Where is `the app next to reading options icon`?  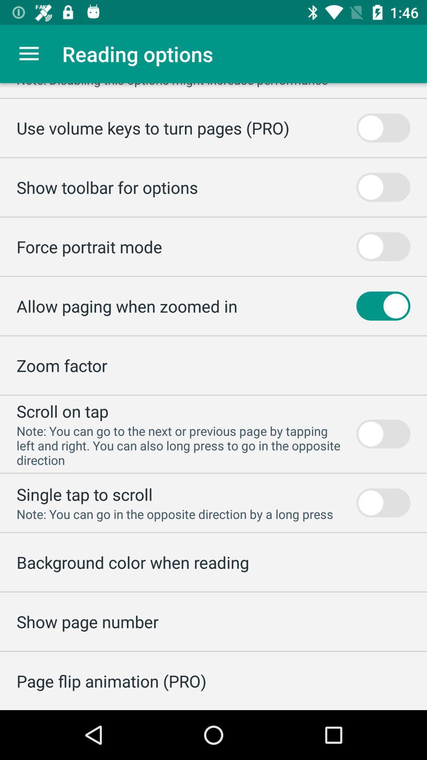
the app next to reading options icon is located at coordinates (28, 53).